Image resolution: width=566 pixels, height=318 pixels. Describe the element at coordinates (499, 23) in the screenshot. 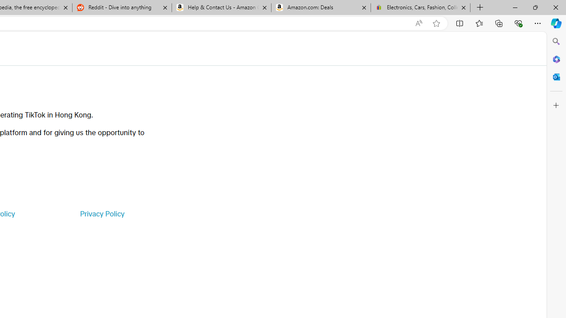

I see `'Collections'` at that location.